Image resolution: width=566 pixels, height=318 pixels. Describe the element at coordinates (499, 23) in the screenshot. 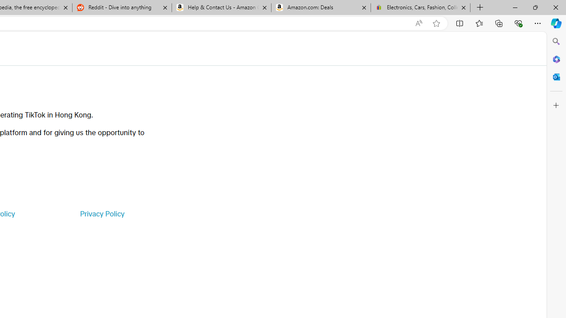

I see `'Collections'` at that location.